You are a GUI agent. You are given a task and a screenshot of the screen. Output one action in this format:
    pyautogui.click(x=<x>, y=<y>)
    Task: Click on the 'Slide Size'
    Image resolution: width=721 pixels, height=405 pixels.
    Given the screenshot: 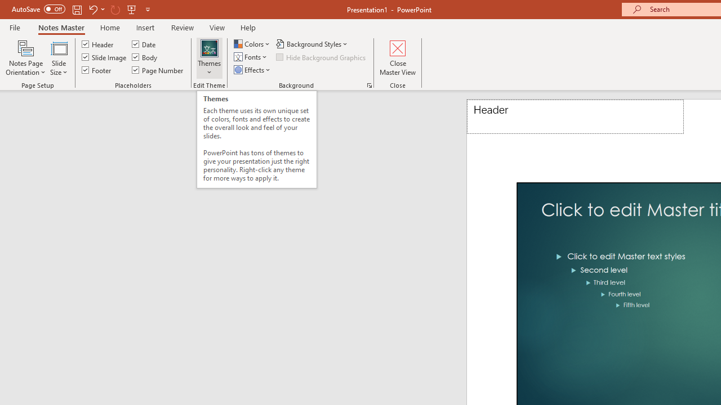 What is the action you would take?
    pyautogui.click(x=58, y=58)
    